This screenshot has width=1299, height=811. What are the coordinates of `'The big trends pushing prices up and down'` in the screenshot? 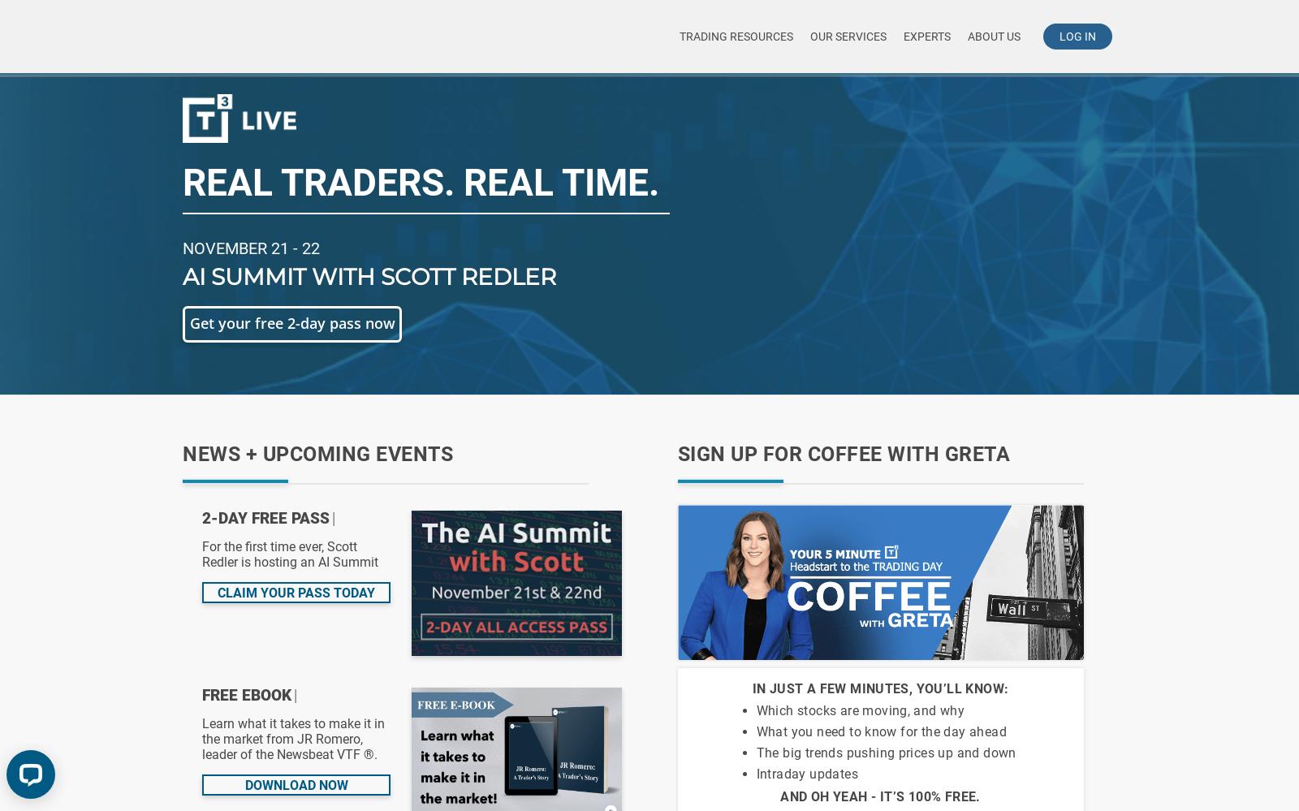 It's located at (886, 753).